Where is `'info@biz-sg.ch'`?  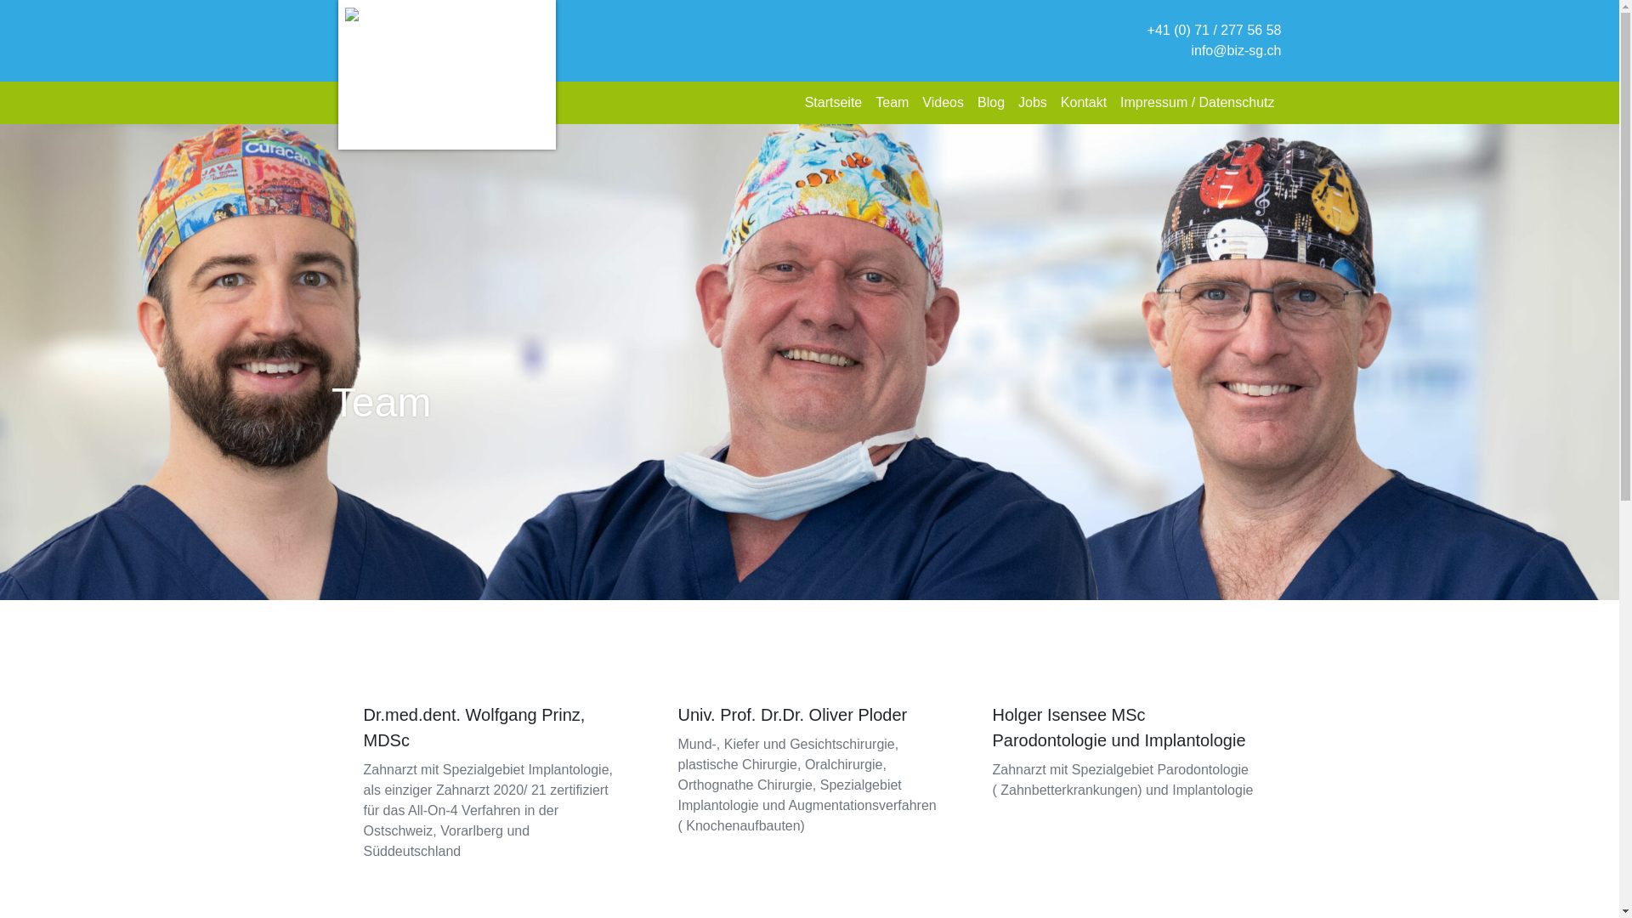 'info@biz-sg.ch' is located at coordinates (1236, 49).